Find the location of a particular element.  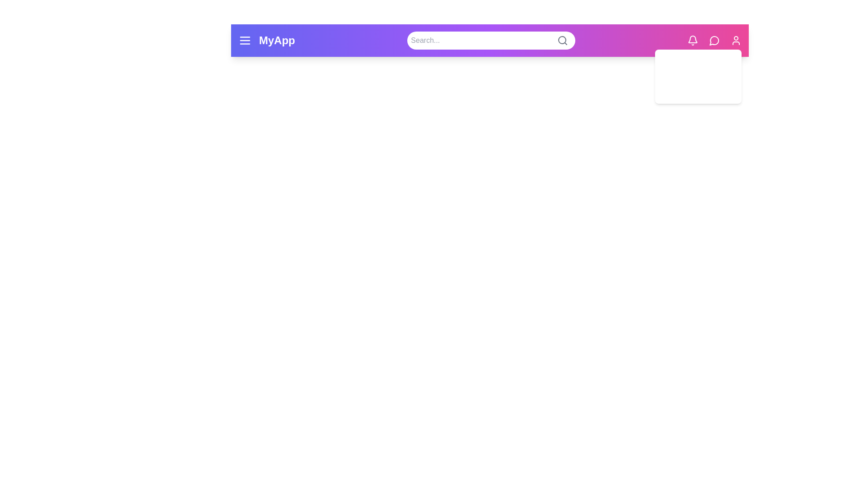

the Profile in the user profile dropdown is located at coordinates (698, 59).